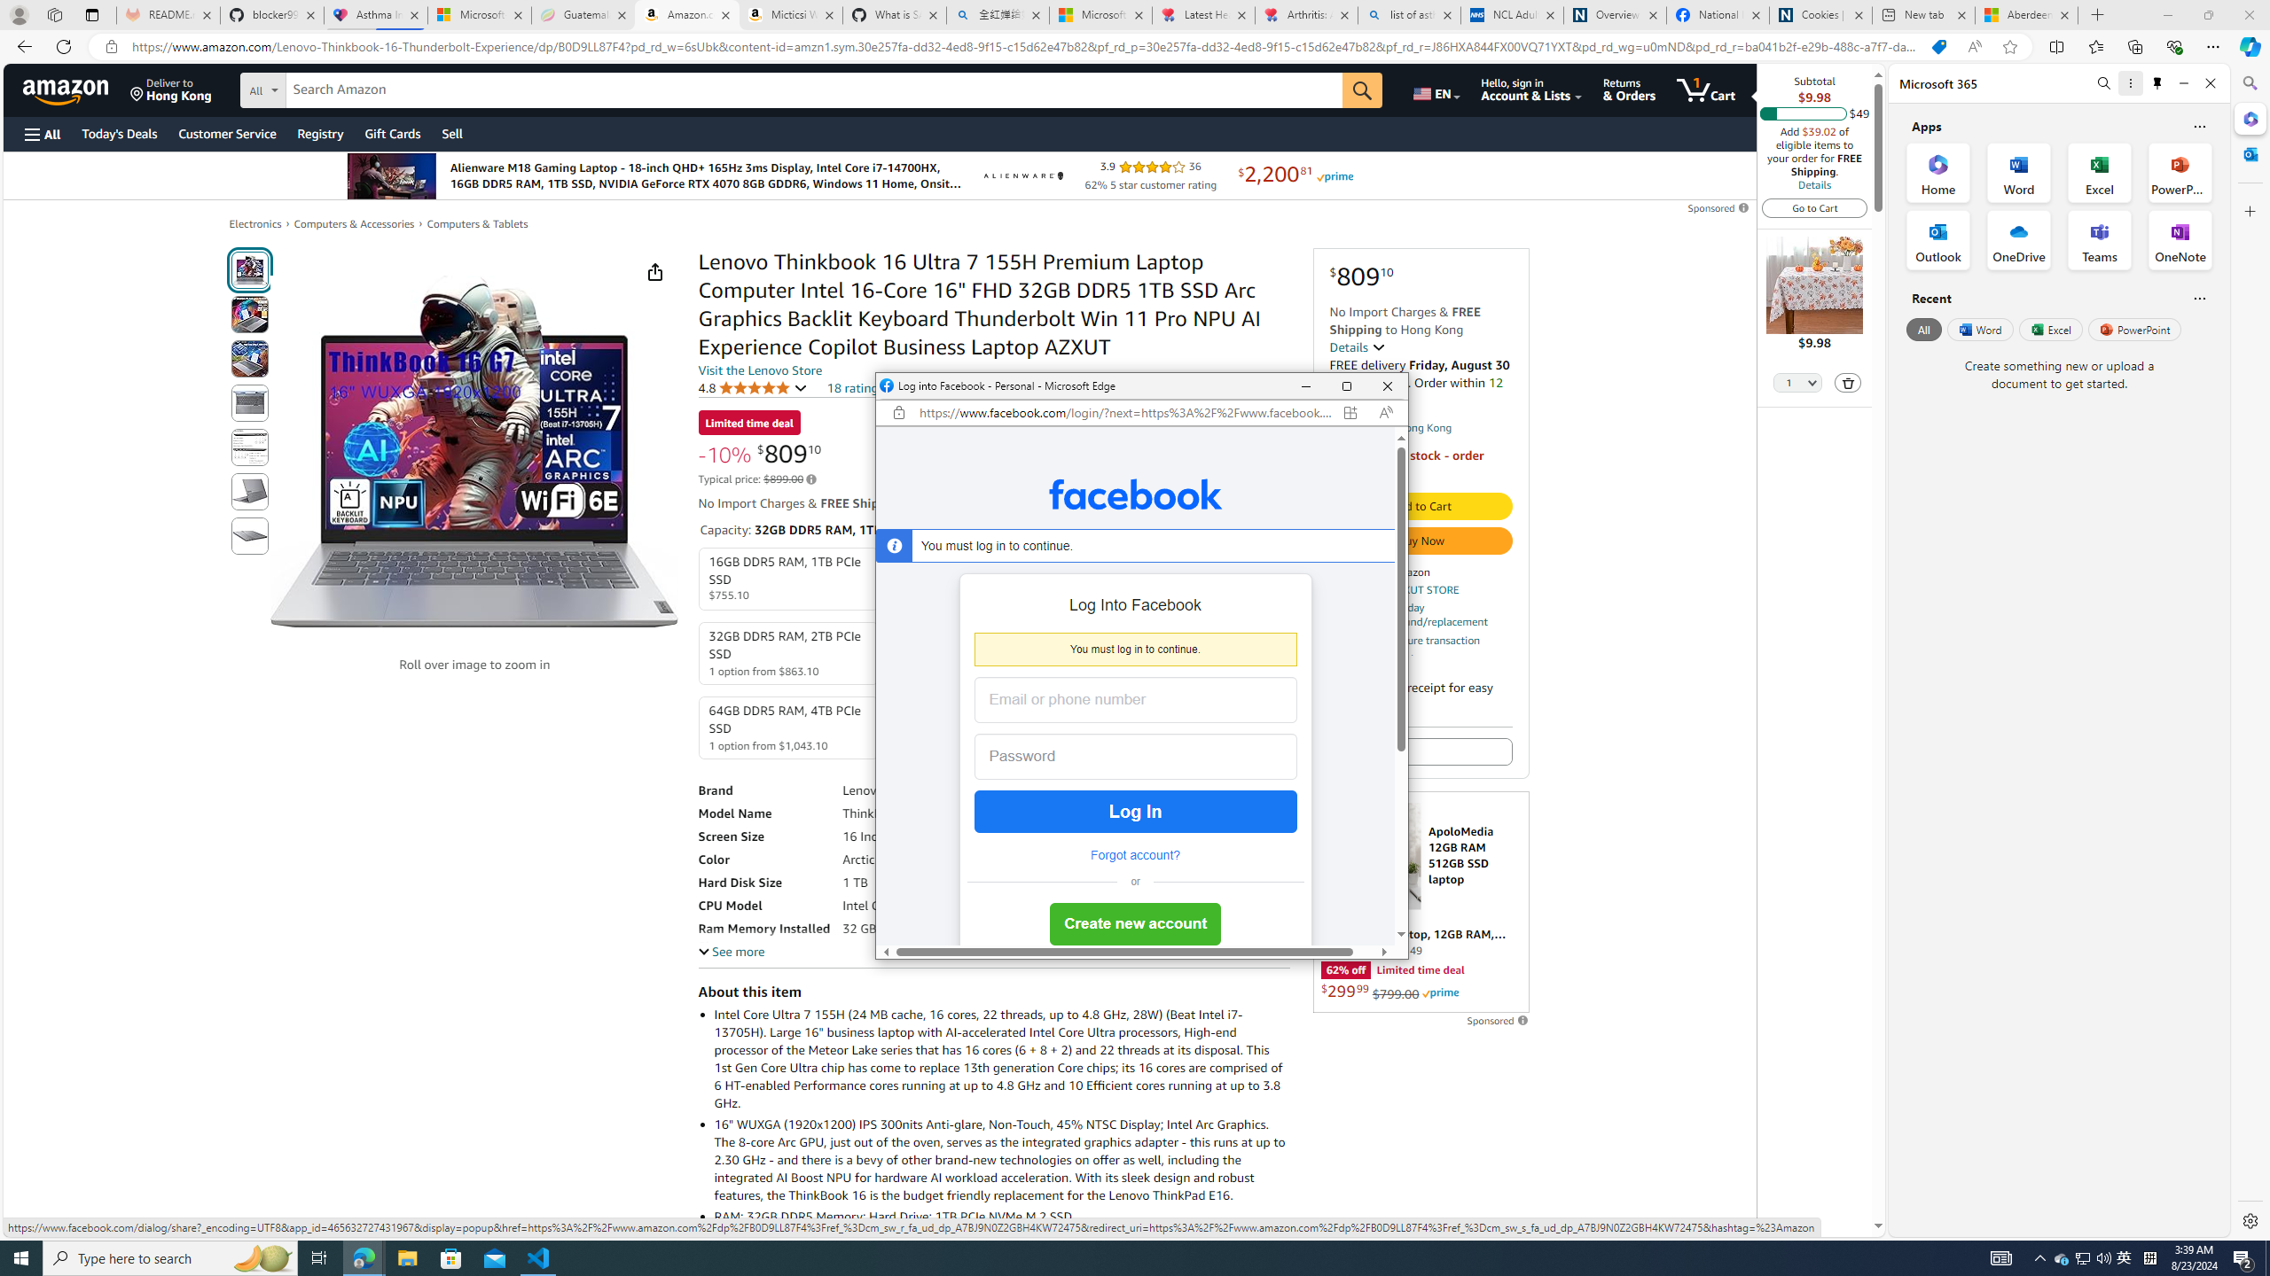  Describe the element at coordinates (477, 223) in the screenshot. I see `'Computers & Tablets'` at that location.